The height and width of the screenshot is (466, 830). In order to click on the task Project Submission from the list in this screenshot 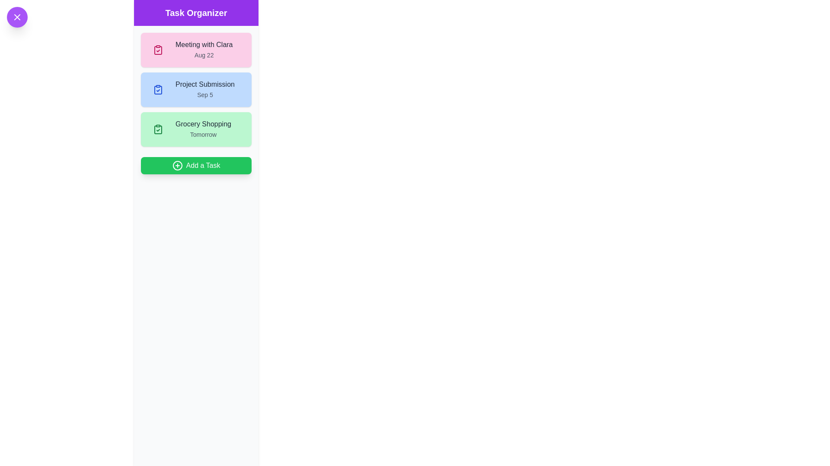, I will do `click(196, 90)`.